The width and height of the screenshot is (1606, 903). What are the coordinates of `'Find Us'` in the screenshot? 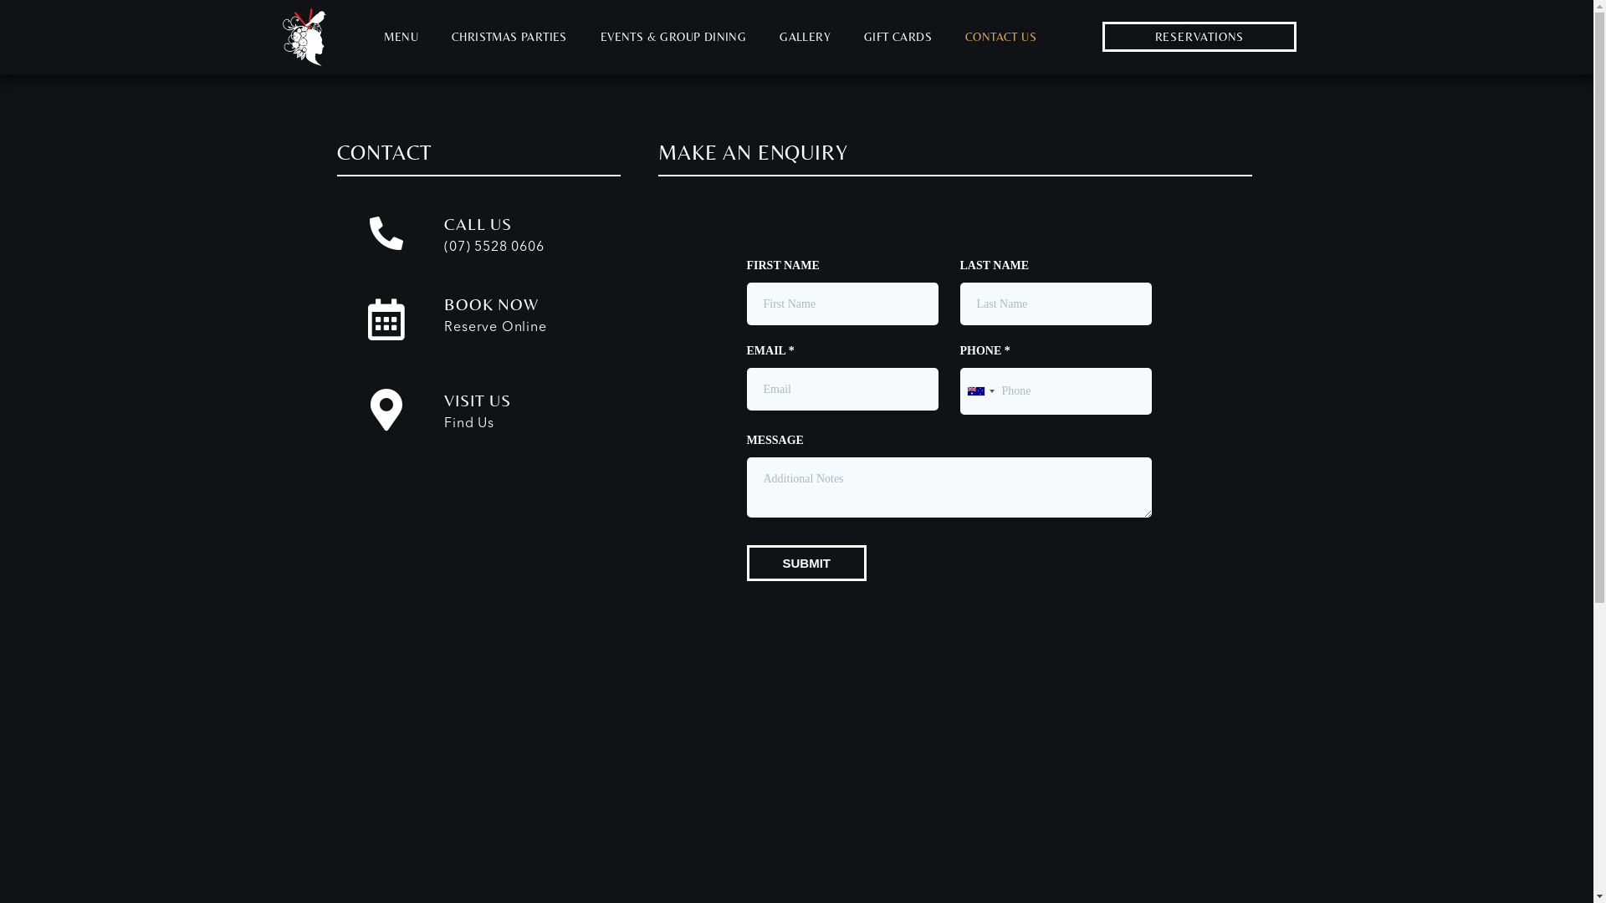 It's located at (468, 422).